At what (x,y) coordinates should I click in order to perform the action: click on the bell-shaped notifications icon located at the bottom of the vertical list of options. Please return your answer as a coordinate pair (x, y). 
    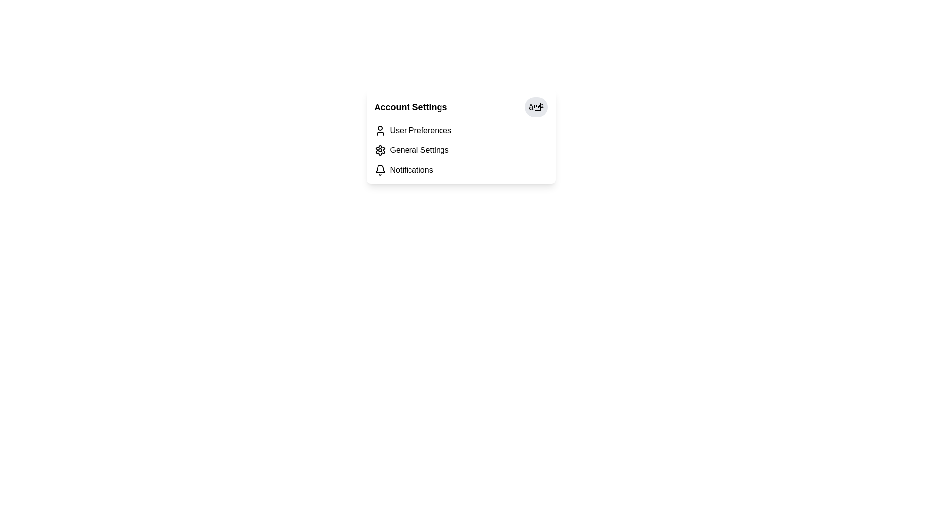
    Looking at the image, I should click on (379, 168).